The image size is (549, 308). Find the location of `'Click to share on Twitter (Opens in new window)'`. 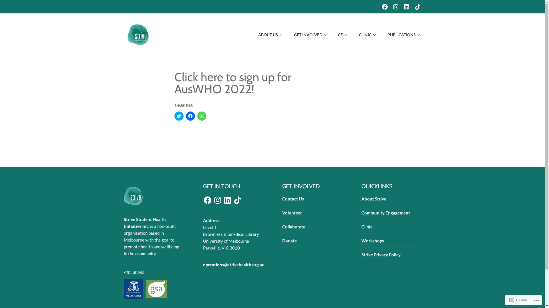

'Click to share on Twitter (Opens in new window)' is located at coordinates (178, 116).